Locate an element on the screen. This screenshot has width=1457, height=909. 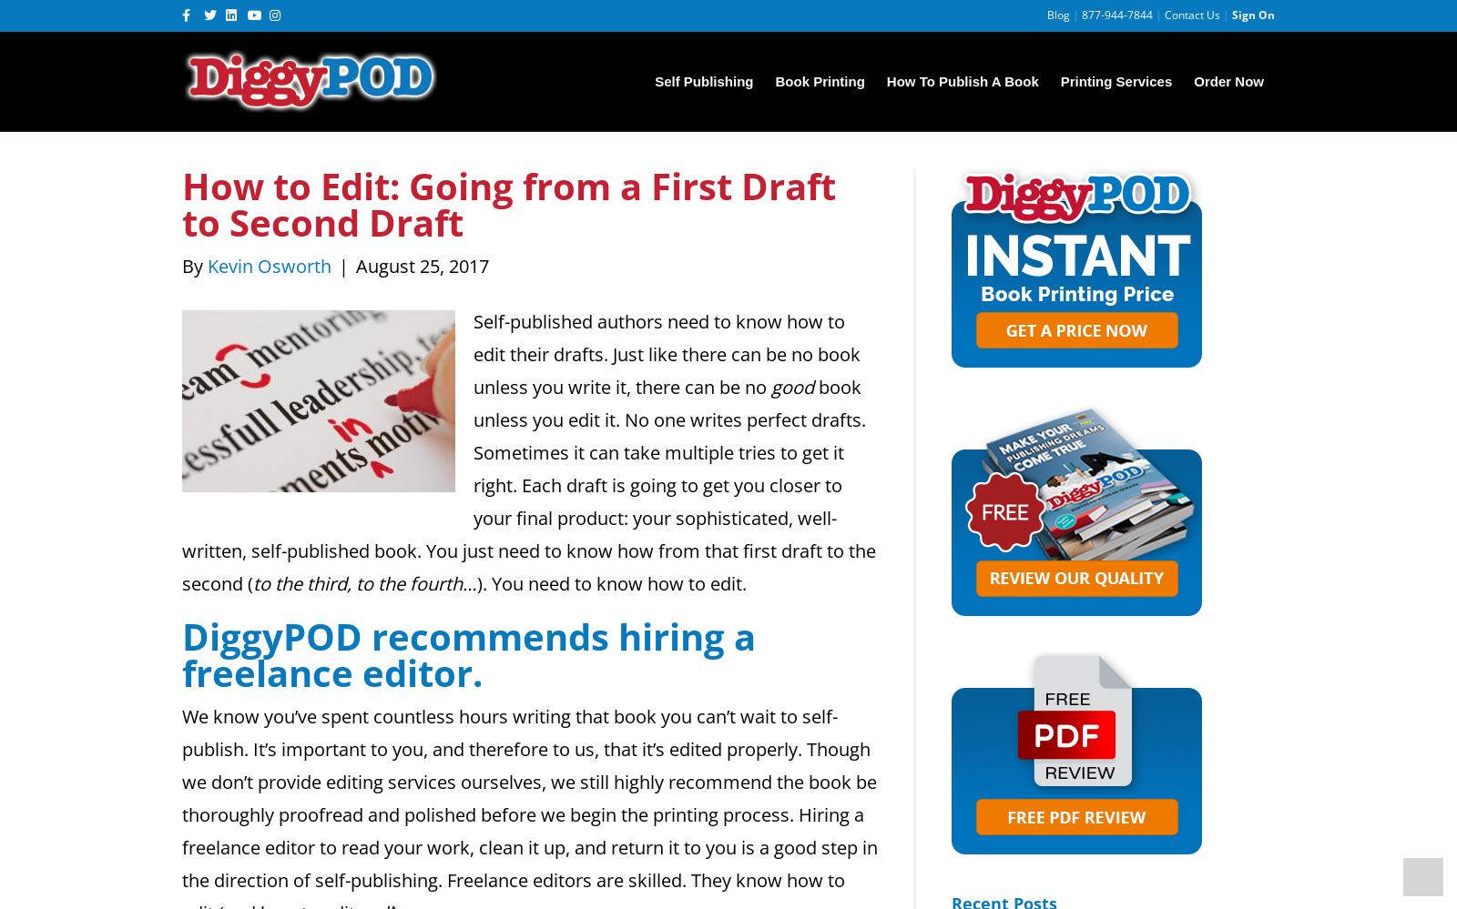
'How to Edit: Going from a First Draft to Second Draft' is located at coordinates (508, 204).